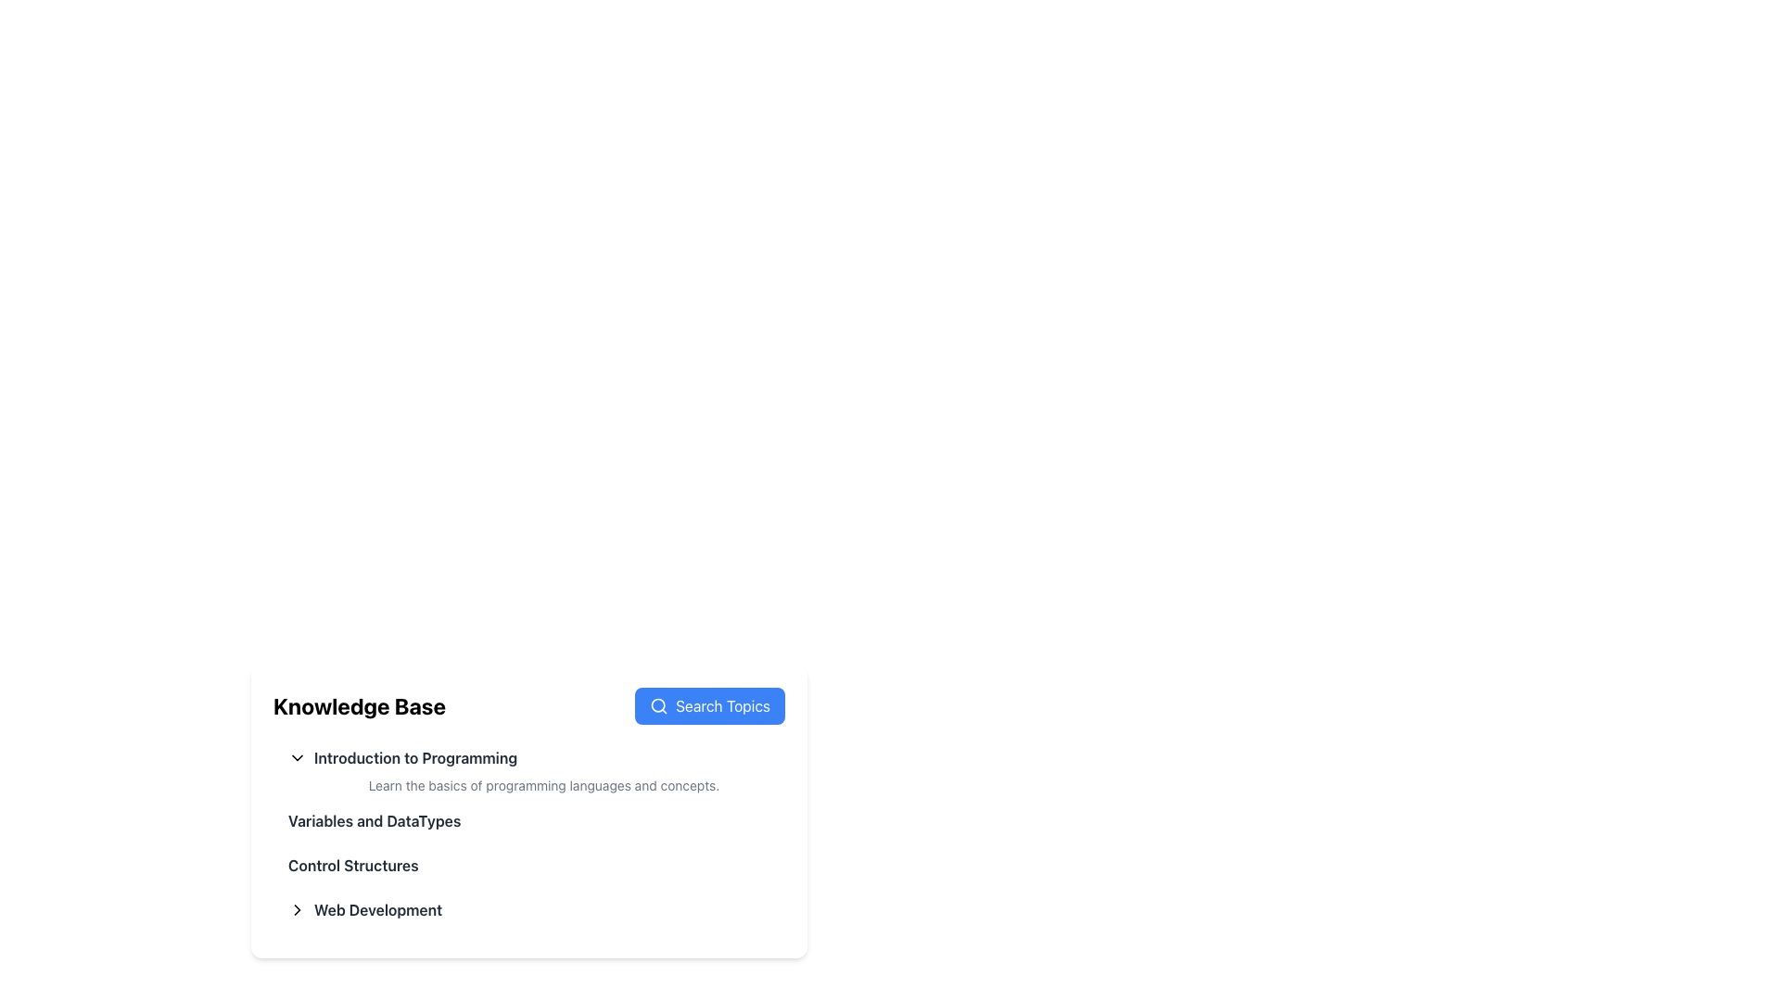  I want to click on the collapsible menu button for 'Introduction to Programming' located under the 'Knowledge Base' section to trigger the hover effect, so click(401, 757).